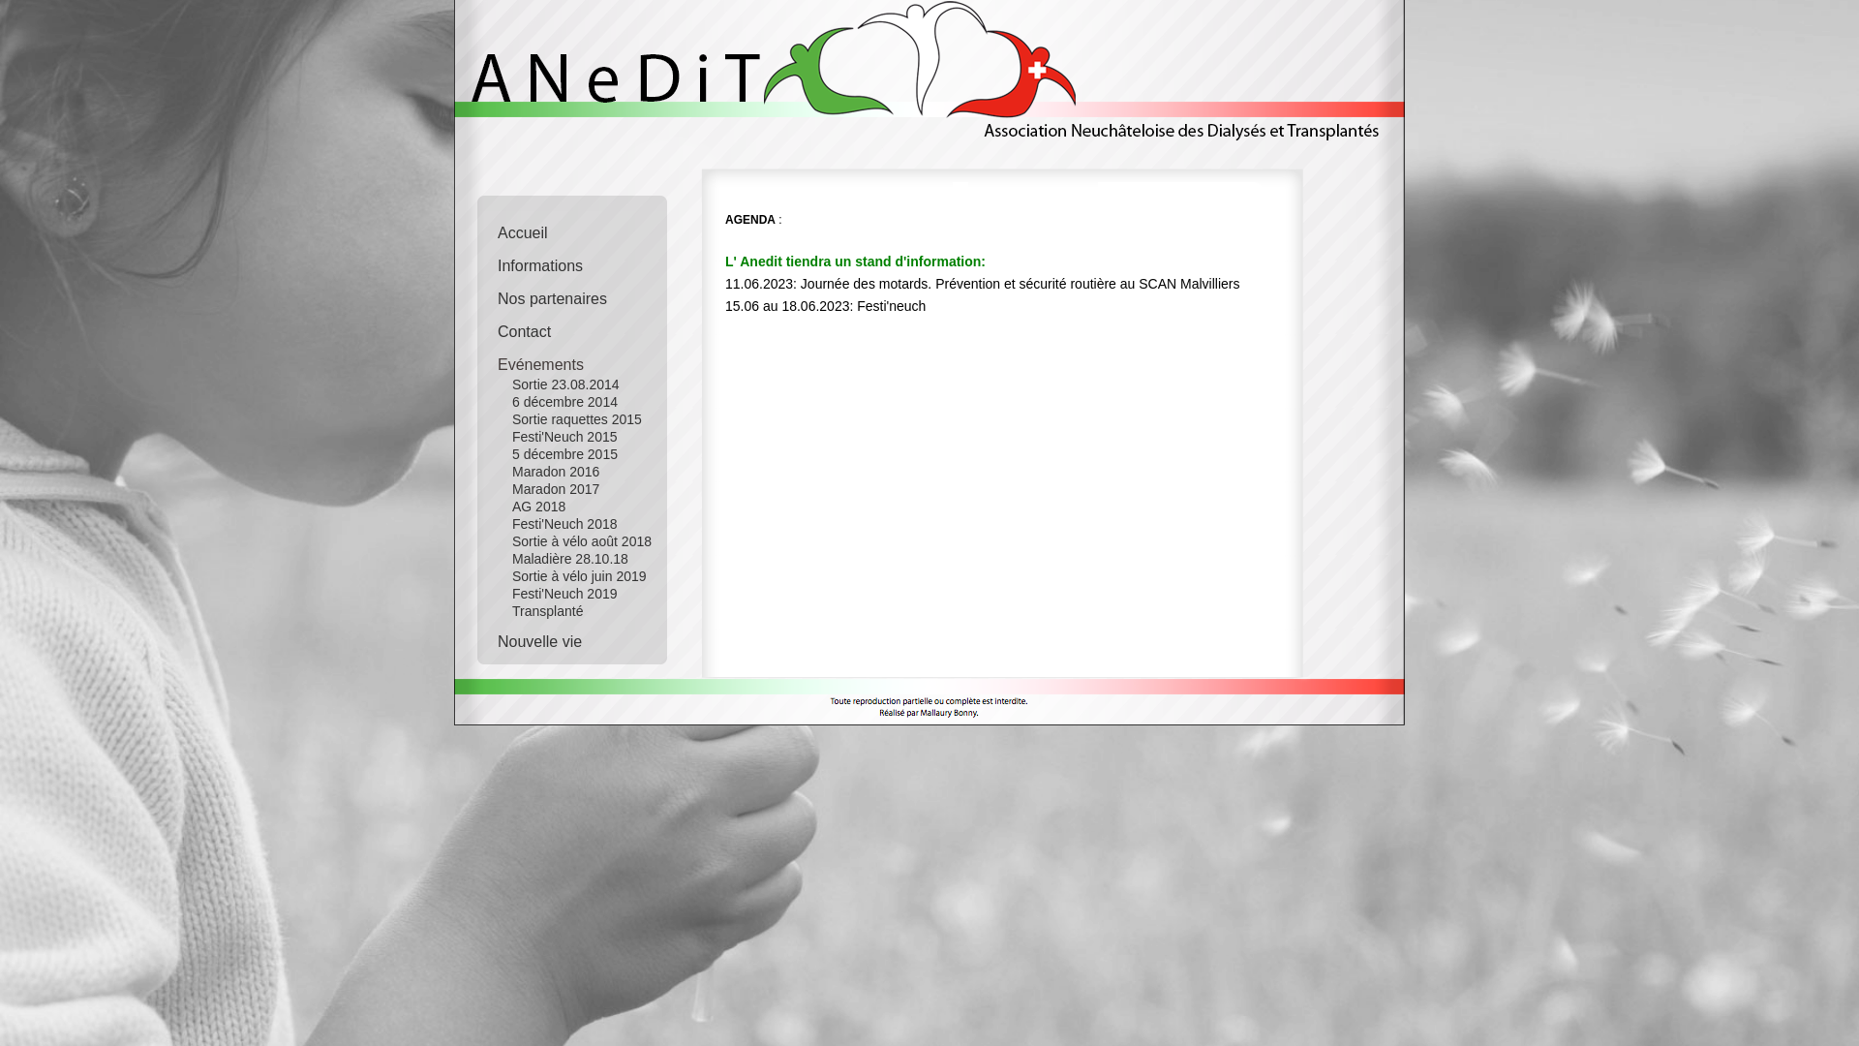  Describe the element at coordinates (569, 506) in the screenshot. I see `'AG 2018'` at that location.